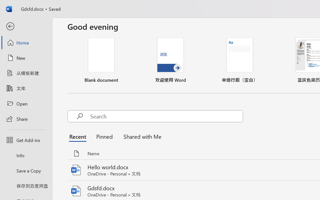 The height and width of the screenshot is (200, 320). I want to click on 'Save a Copy', so click(26, 170).